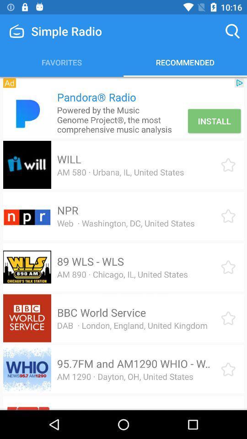 The width and height of the screenshot is (247, 439). What do you see at coordinates (120, 171) in the screenshot?
I see `item above npr` at bounding box center [120, 171].